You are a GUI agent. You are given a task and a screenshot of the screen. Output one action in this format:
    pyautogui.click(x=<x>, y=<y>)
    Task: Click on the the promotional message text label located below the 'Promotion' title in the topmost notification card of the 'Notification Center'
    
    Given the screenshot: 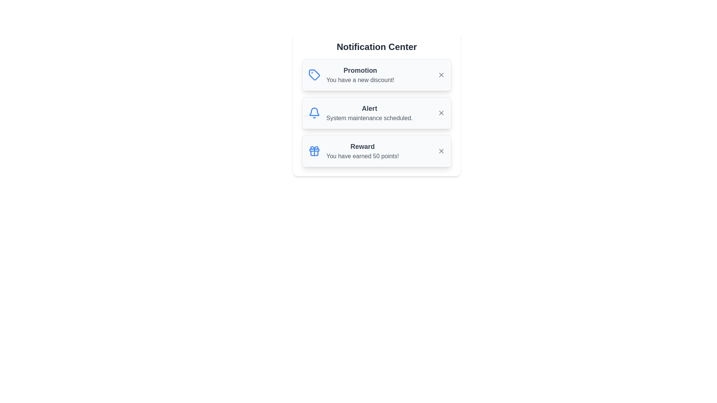 What is the action you would take?
    pyautogui.click(x=360, y=80)
    